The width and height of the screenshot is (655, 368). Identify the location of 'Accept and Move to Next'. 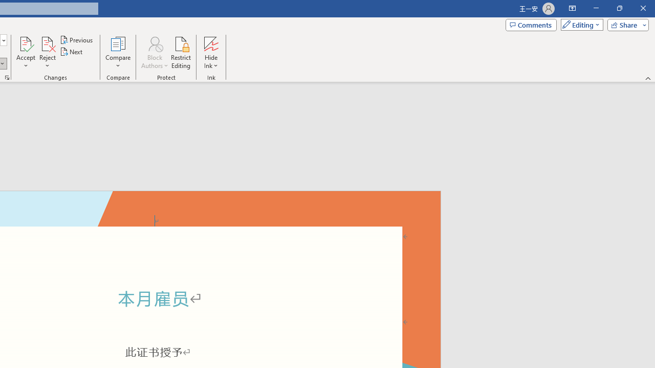
(26, 43).